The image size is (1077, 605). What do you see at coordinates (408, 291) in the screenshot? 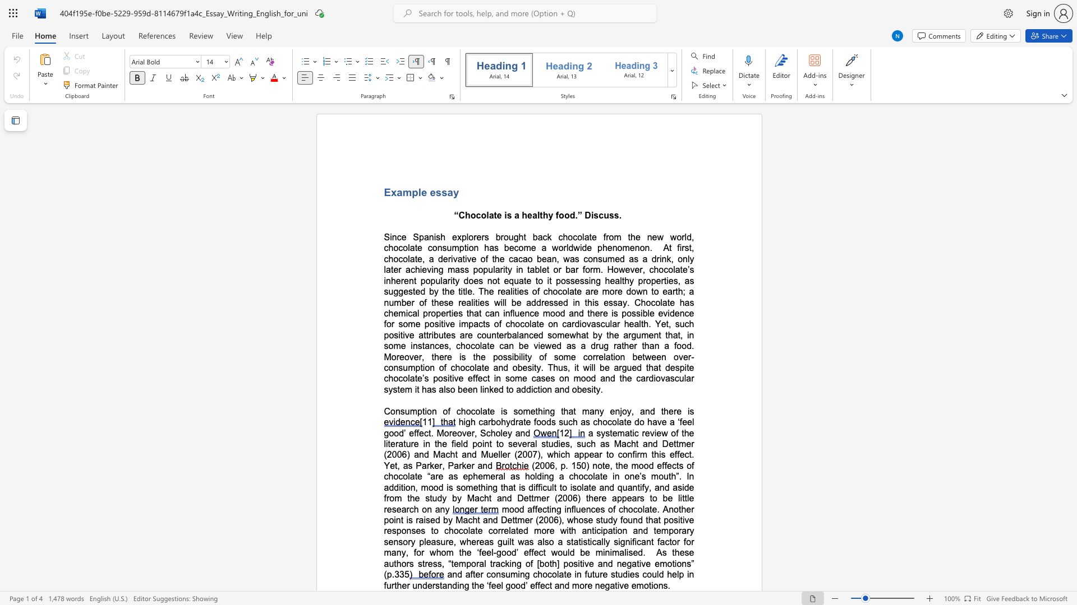
I see `the subset text "sted by the title. The realities of chocolate are more down to earth; a number of these realities will be addressed in this essay. Chocolate has" within the text "healthy properties, as suggested by the title. The realities of chocolate are more down to earth; a number of these realities will be addressed in this essay. Chocolate has ch"` at bounding box center [408, 291].